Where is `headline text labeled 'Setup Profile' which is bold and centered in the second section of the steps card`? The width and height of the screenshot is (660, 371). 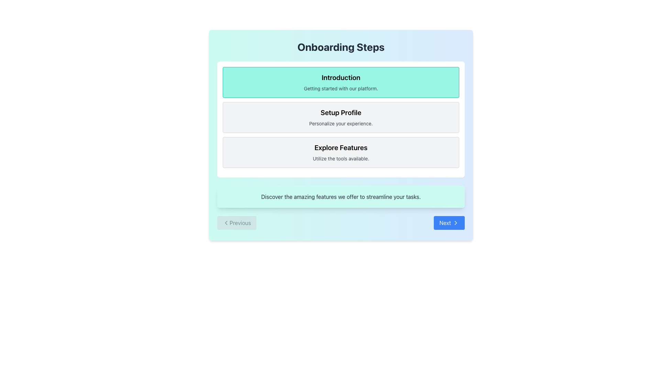
headline text labeled 'Setup Profile' which is bold and centered in the second section of the steps card is located at coordinates (341, 112).